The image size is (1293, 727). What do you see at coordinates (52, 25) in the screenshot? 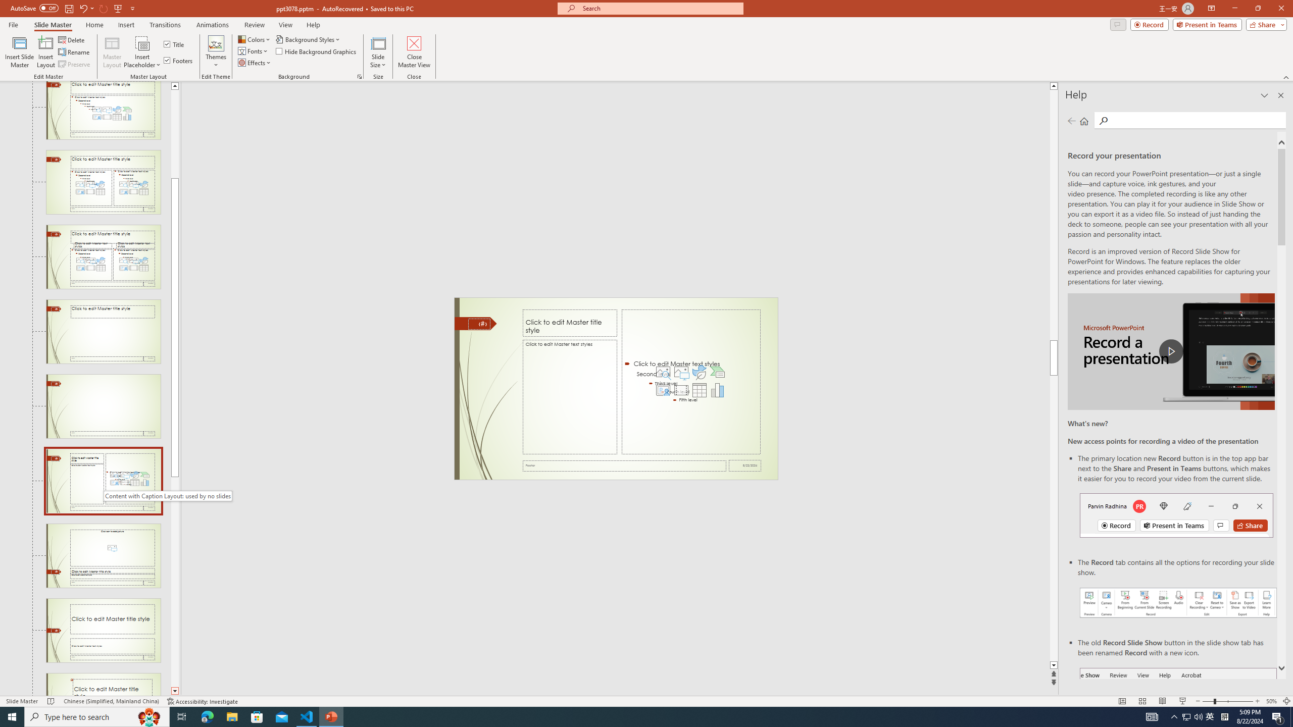
I see `'Slide Master'` at bounding box center [52, 25].